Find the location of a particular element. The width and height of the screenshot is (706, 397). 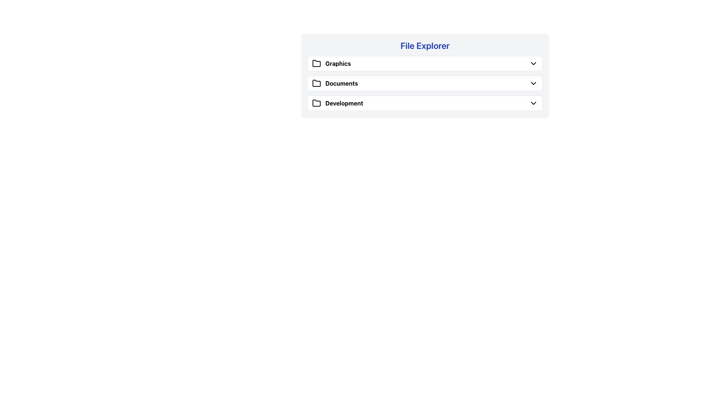

the Vector graphical folder icon located in the 'Documents' category of the file explorer interface, which is represented by a monochrome folder shape with a tab on the top-left corner is located at coordinates (316, 83).